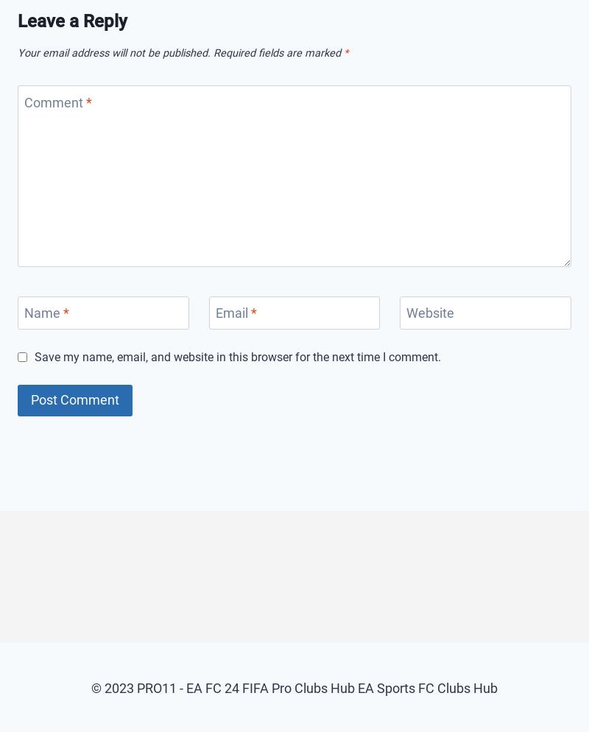 Image resolution: width=589 pixels, height=732 pixels. What do you see at coordinates (24, 312) in the screenshot?
I see `'Name'` at bounding box center [24, 312].